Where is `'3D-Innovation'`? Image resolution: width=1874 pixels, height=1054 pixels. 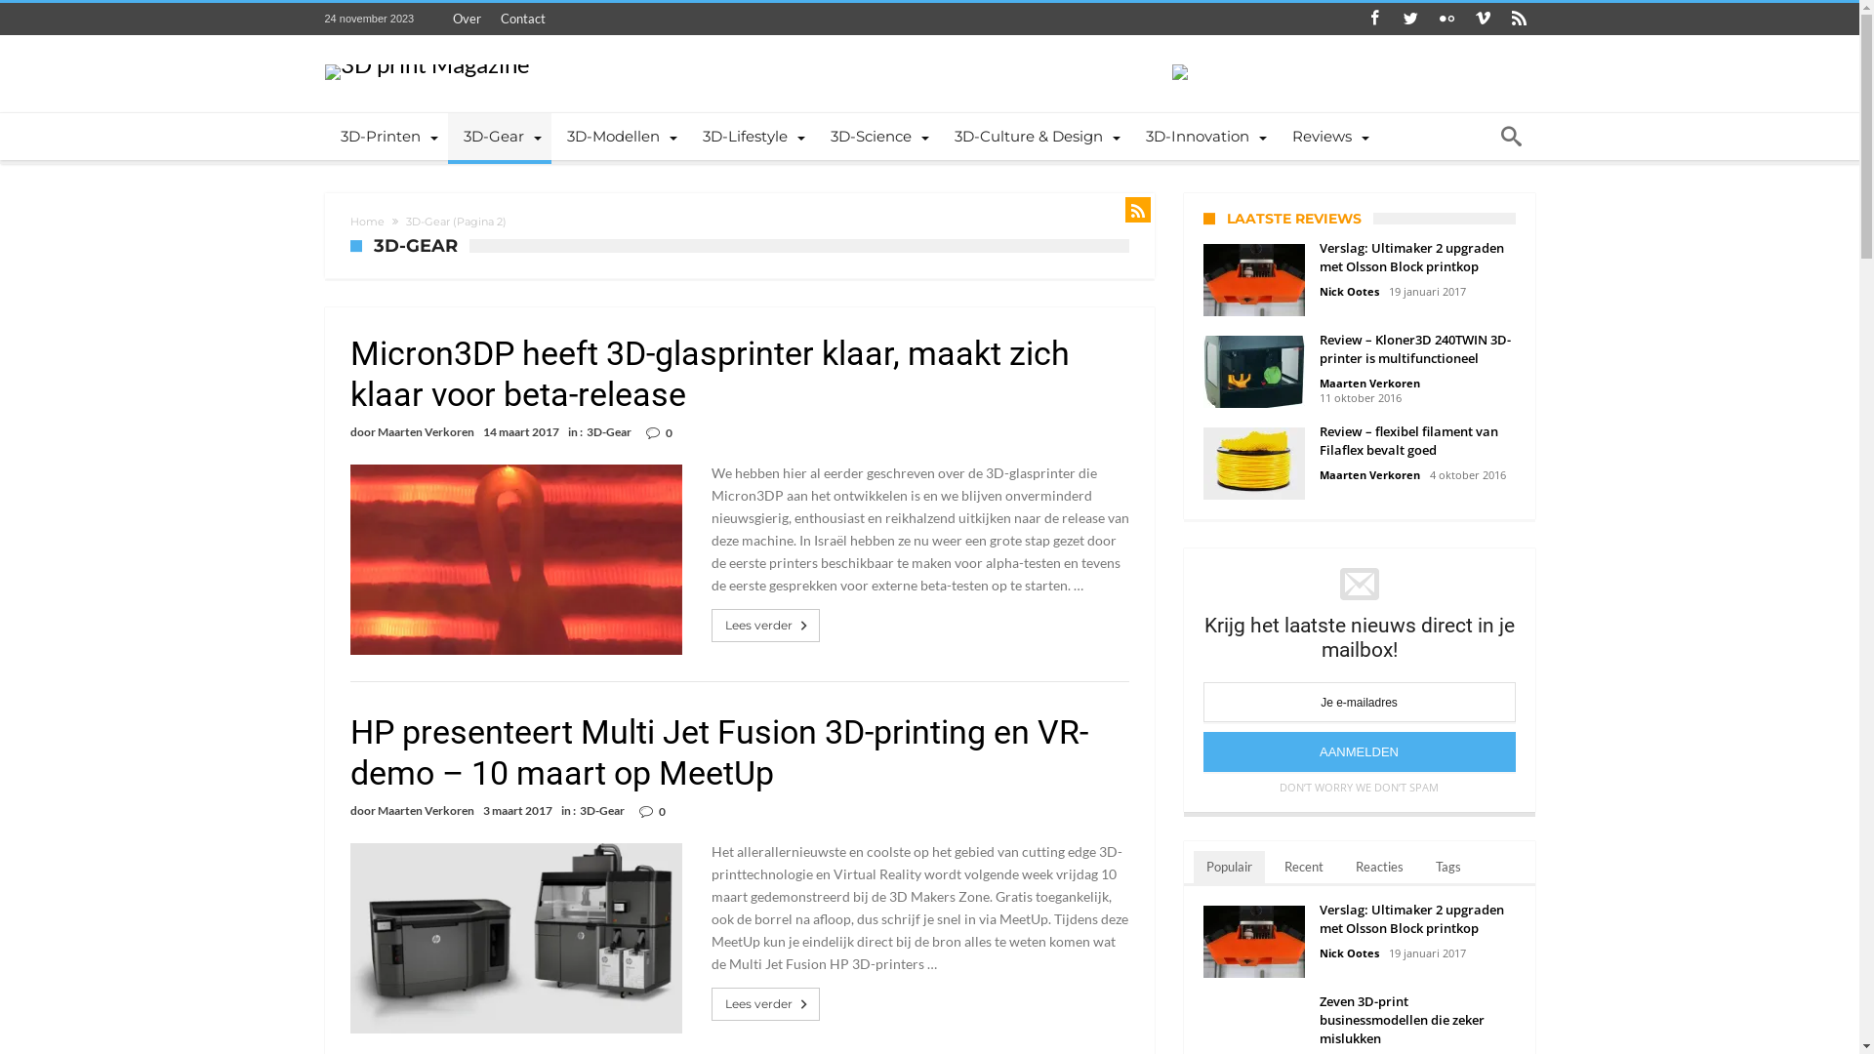 '3D-Innovation' is located at coordinates (1129, 135).